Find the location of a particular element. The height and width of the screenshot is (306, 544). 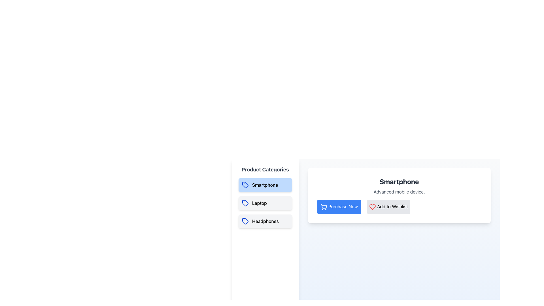

the icon representing the 'Laptop' category located to the left of the 'Laptop' button text label is located at coordinates (245, 203).